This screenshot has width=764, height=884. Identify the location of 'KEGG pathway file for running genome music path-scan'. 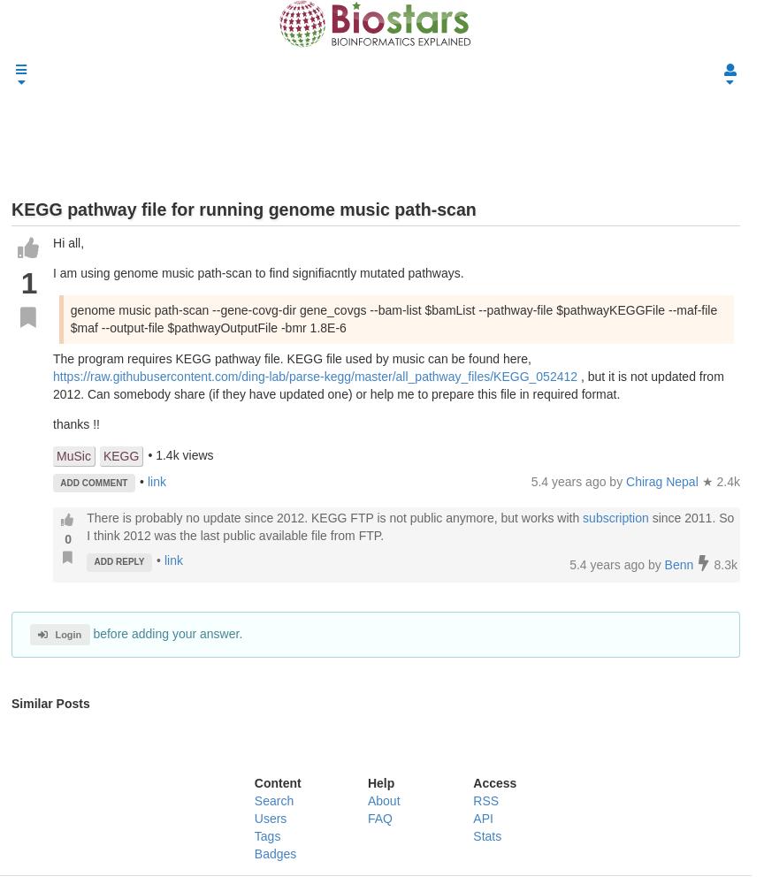
(243, 208).